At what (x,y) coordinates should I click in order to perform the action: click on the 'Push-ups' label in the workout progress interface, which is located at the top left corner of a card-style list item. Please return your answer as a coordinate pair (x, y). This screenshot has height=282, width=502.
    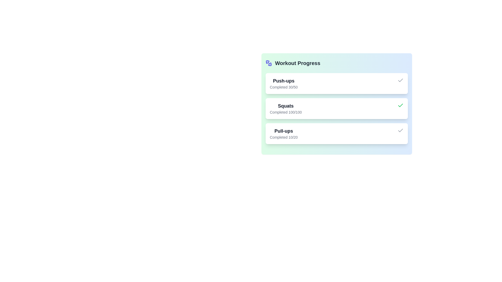
    Looking at the image, I should click on (283, 81).